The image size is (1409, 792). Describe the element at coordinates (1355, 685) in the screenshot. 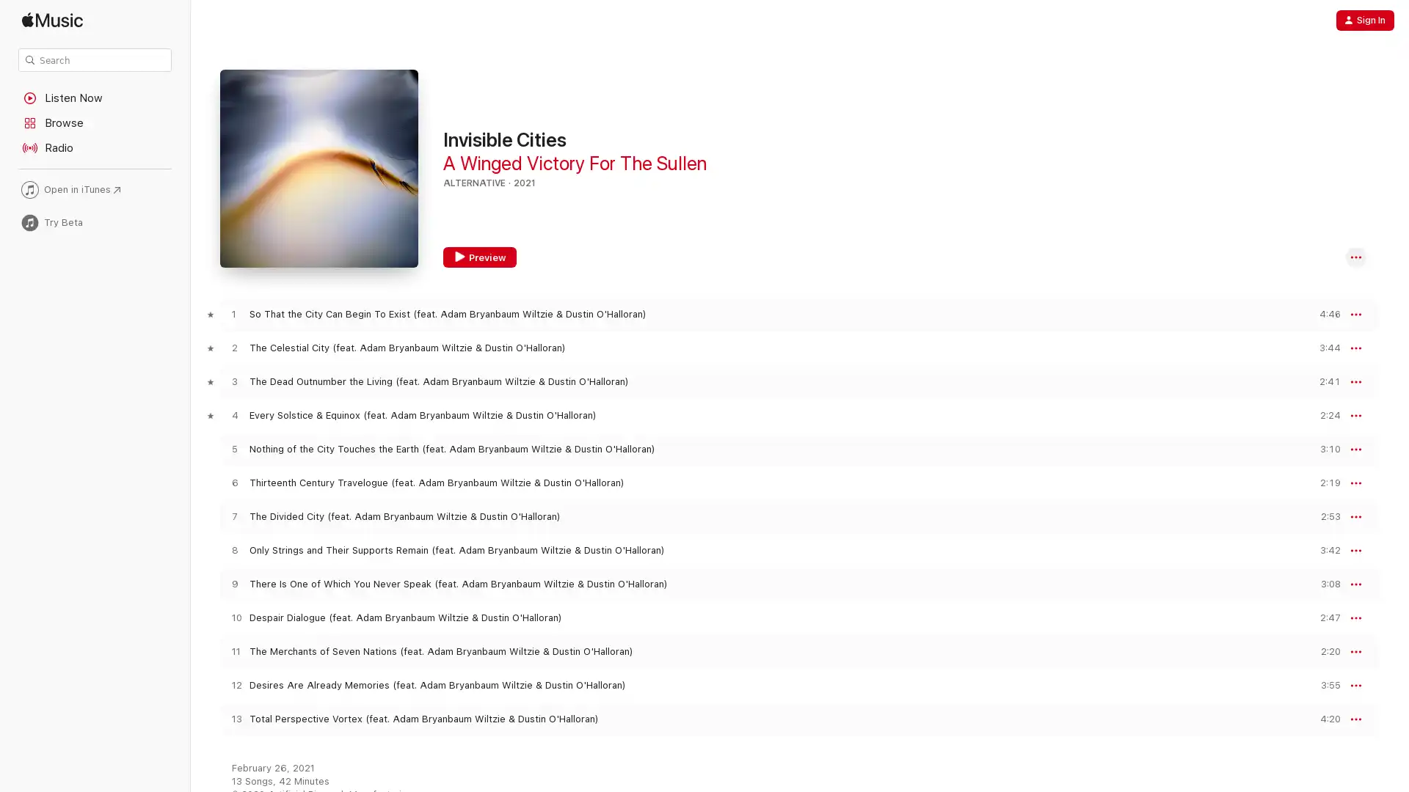

I see `More` at that location.